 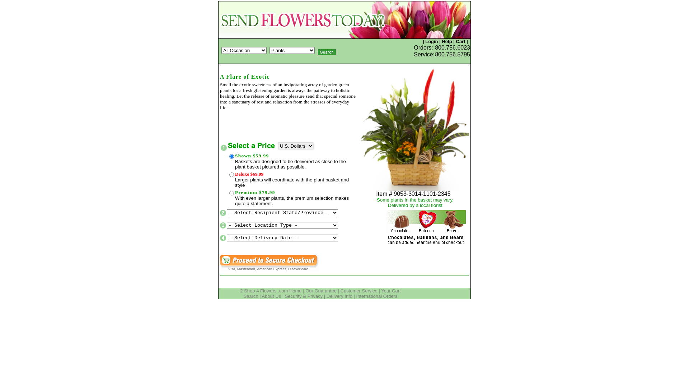 What do you see at coordinates (376, 296) in the screenshot?
I see `'International Orders'` at bounding box center [376, 296].